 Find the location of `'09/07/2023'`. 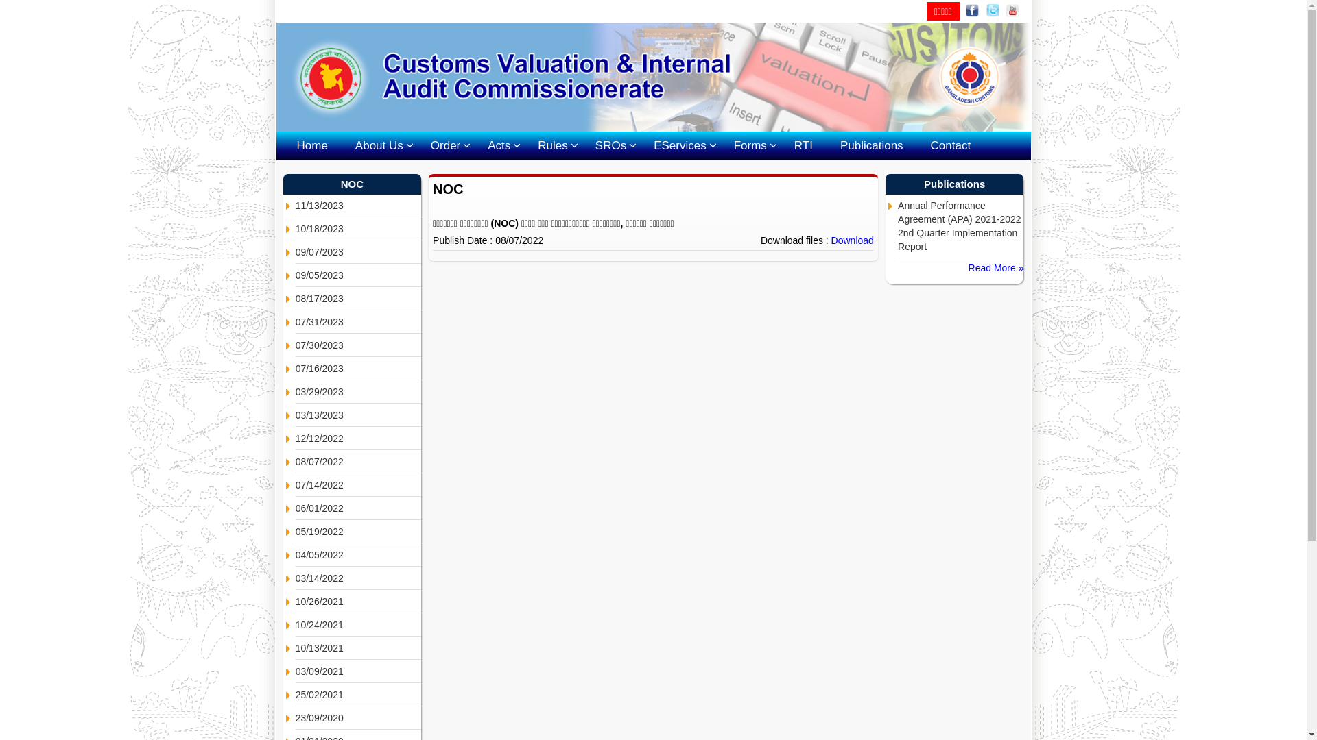

'09/07/2023' is located at coordinates (358, 252).